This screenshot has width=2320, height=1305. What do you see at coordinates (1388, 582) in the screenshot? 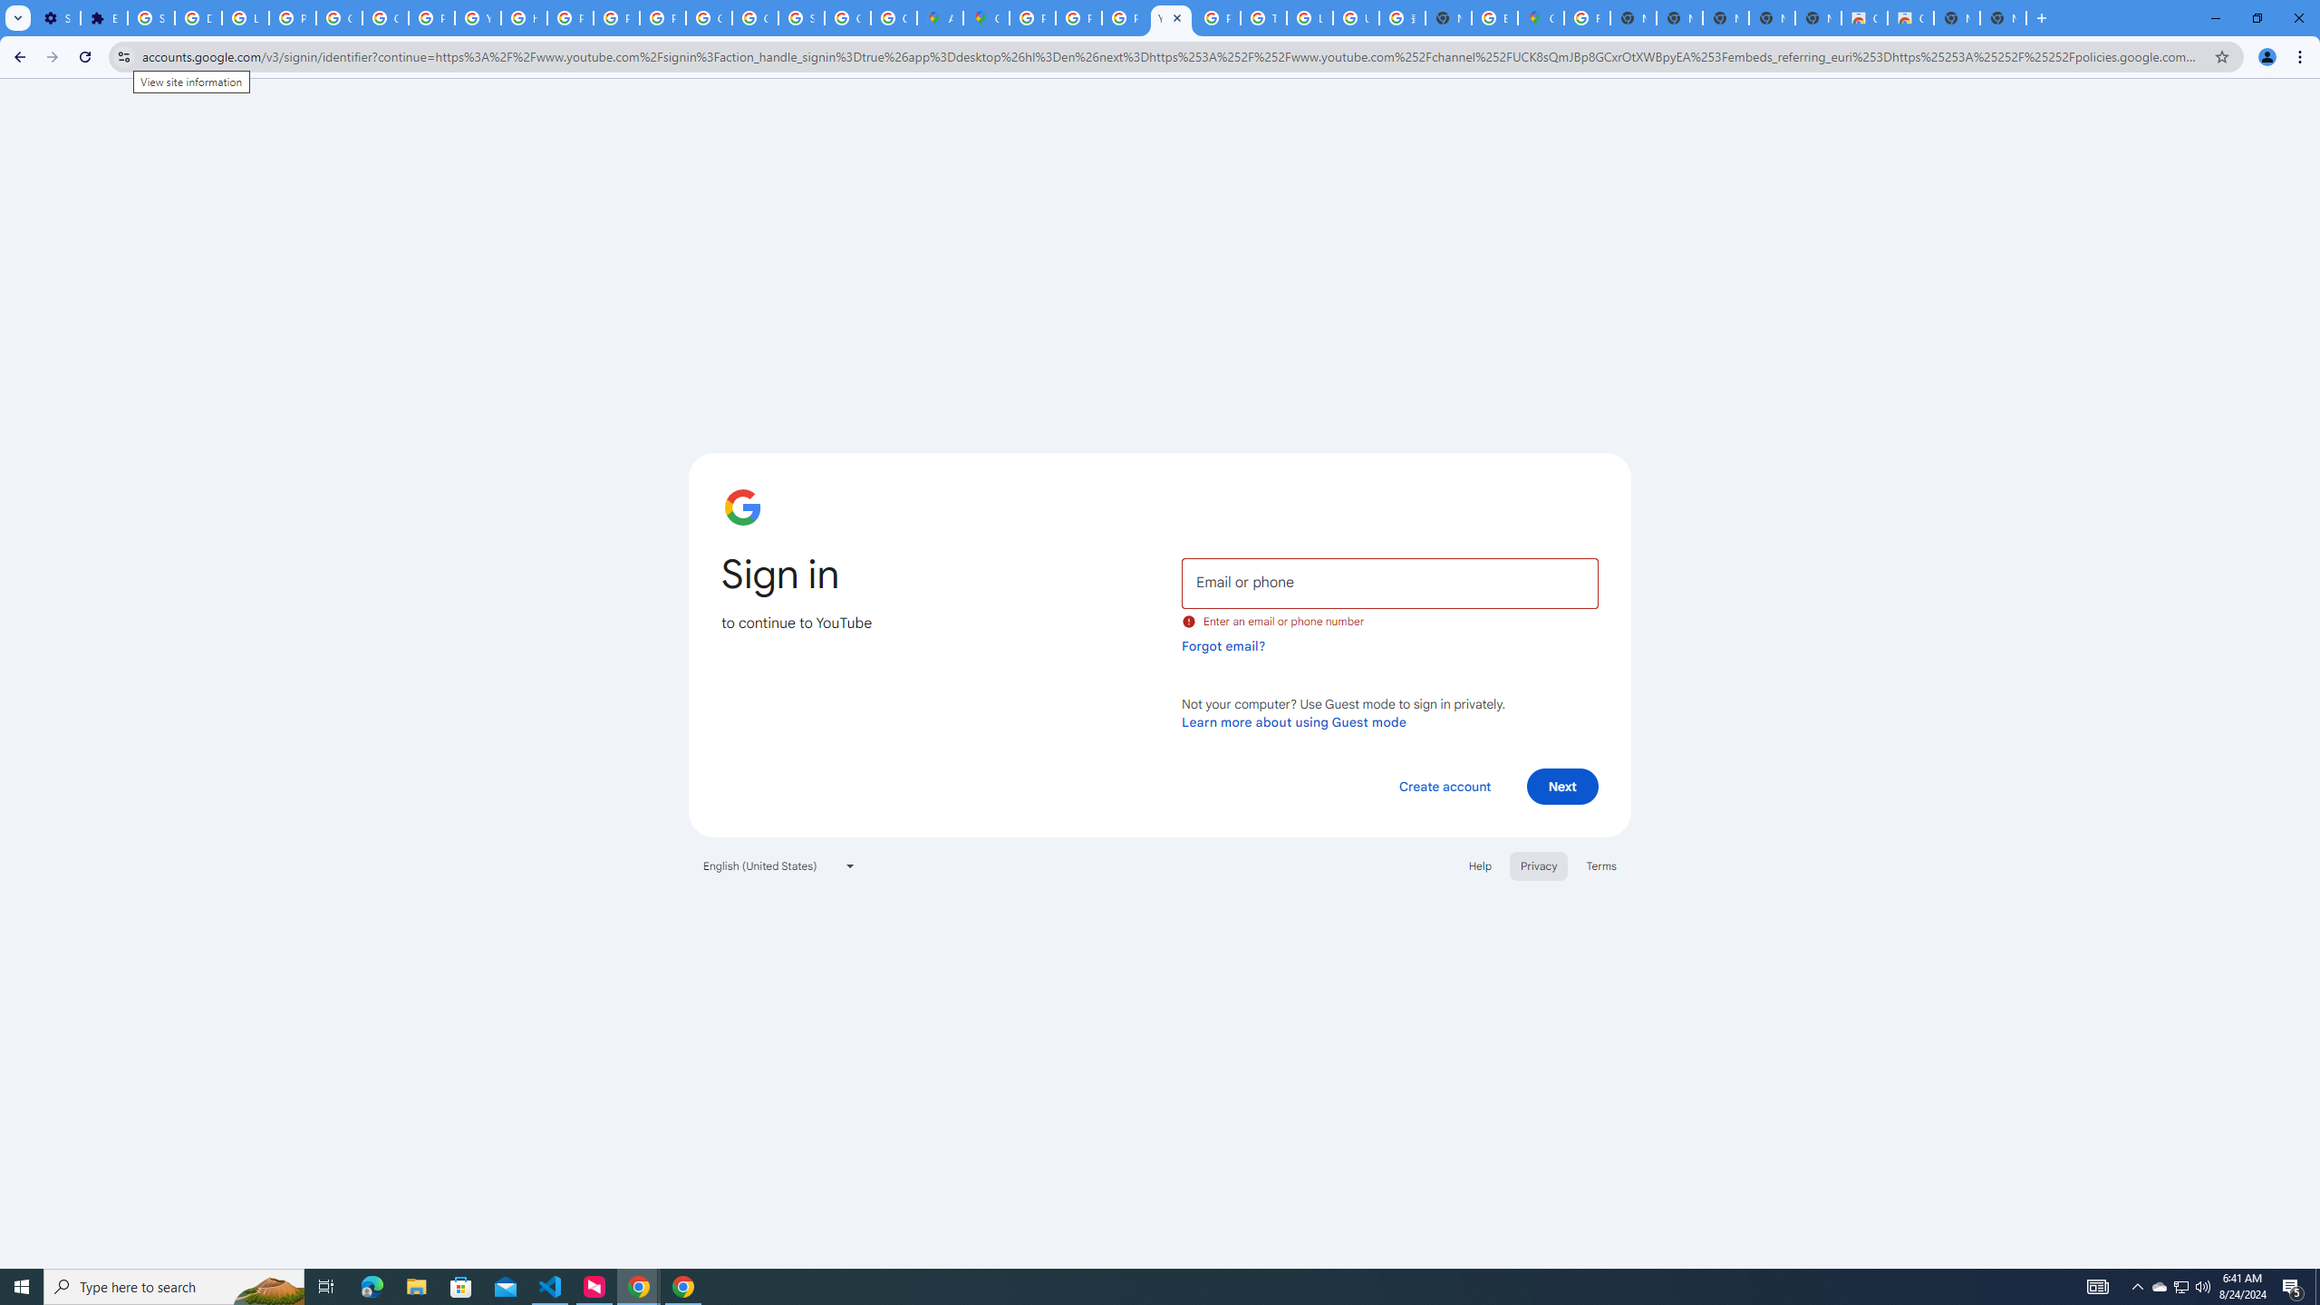
I see `'Email or phone'` at bounding box center [1388, 582].